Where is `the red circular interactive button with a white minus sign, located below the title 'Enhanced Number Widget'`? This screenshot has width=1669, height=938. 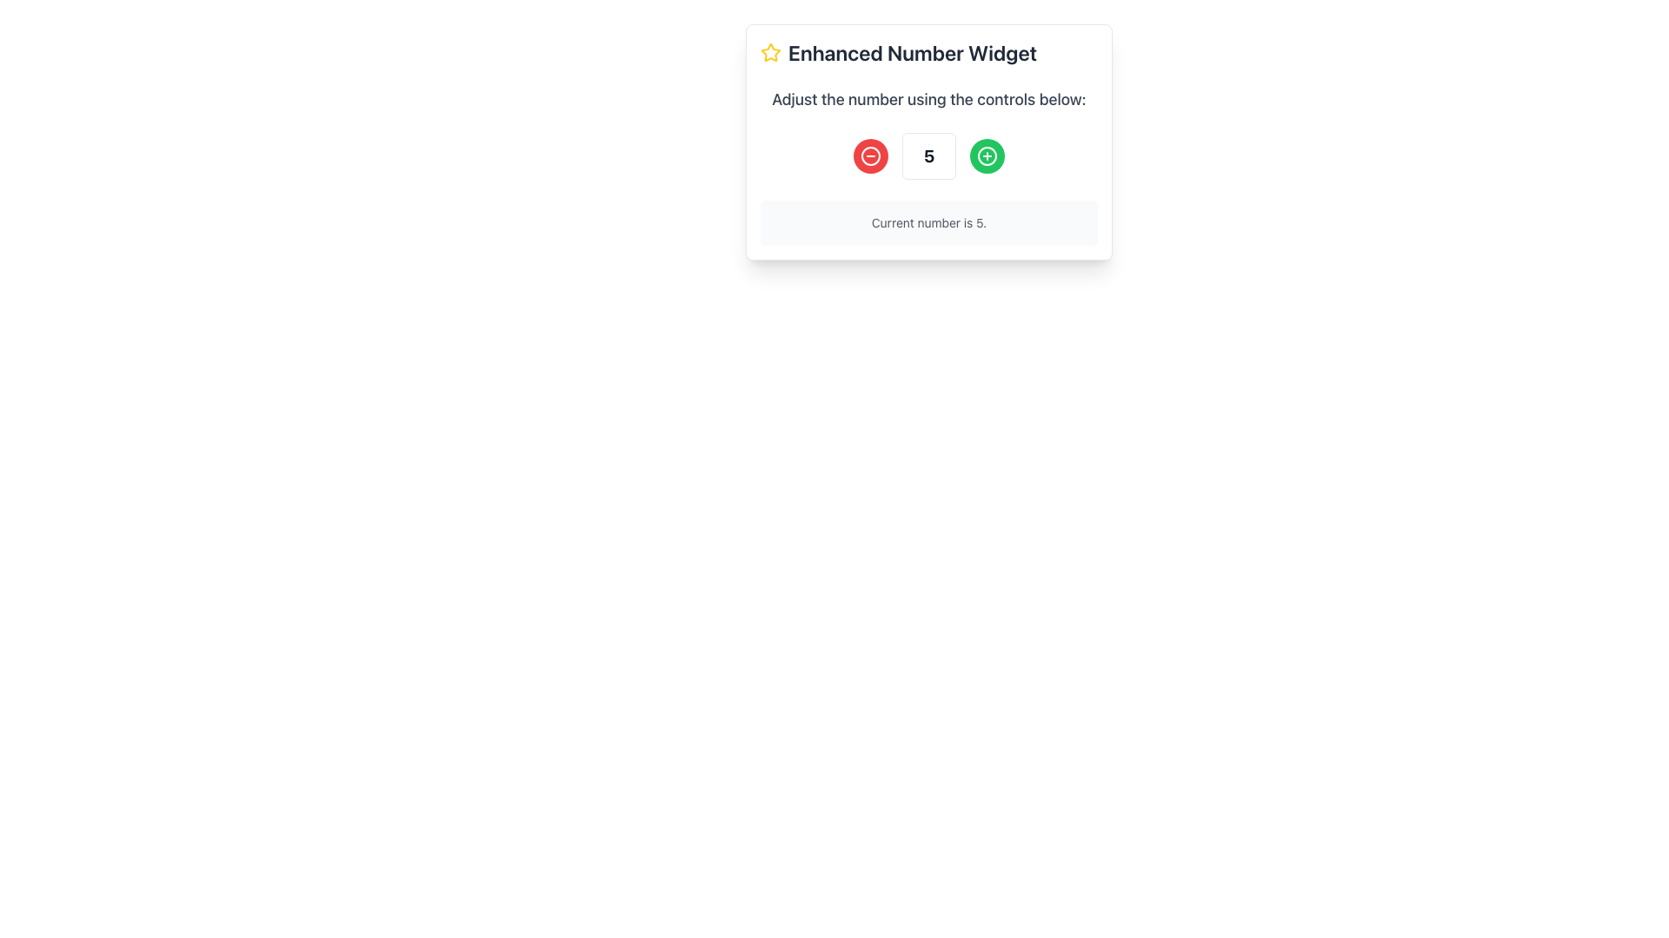
the red circular interactive button with a white minus sign, located below the title 'Enhanced Number Widget' is located at coordinates (870, 156).